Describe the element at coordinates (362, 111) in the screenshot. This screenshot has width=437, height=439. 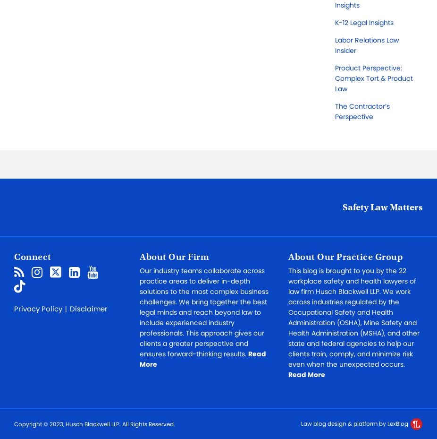
I see `'The Contractor’s Perspective'` at that location.